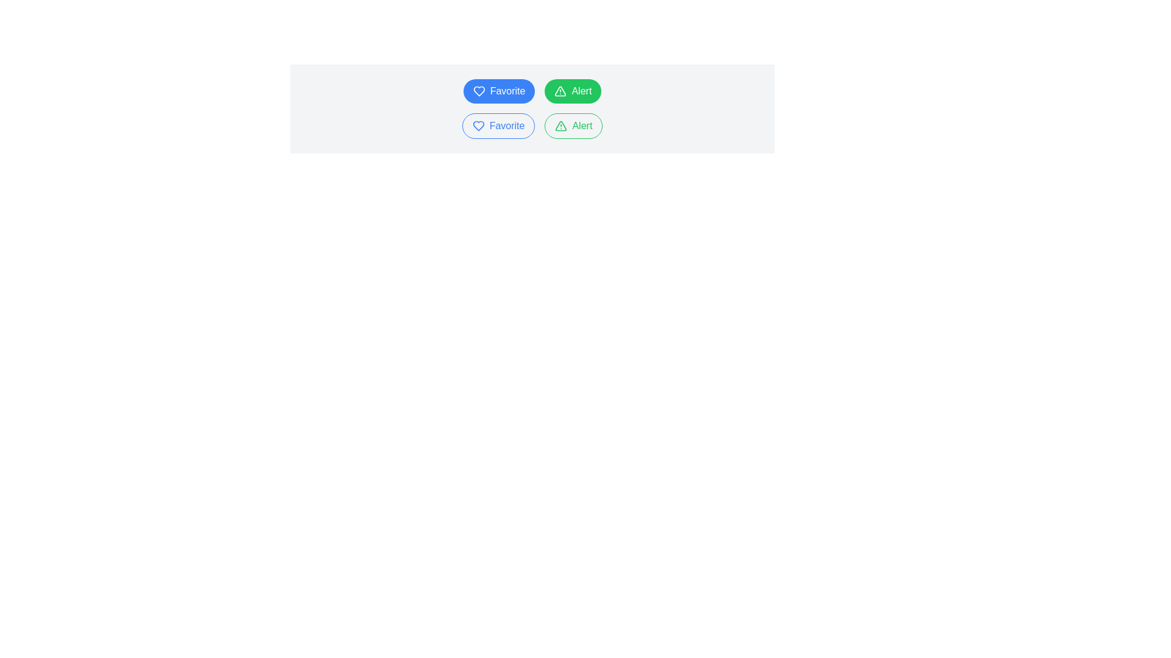 This screenshot has width=1171, height=658. I want to click on the 'Favorite' button, so click(498, 126).